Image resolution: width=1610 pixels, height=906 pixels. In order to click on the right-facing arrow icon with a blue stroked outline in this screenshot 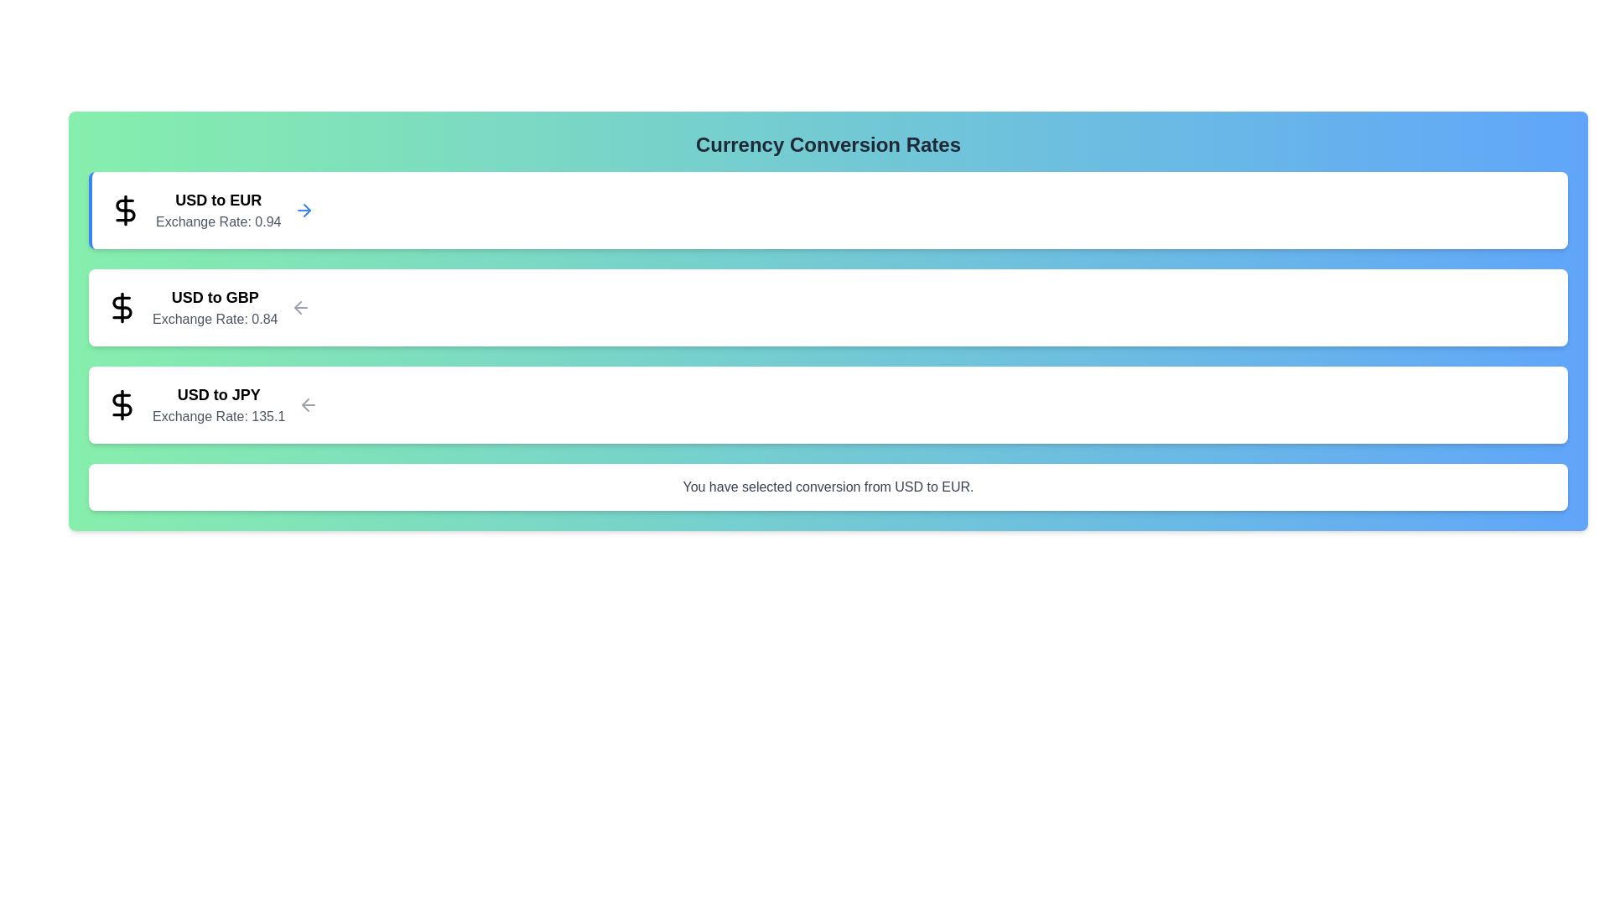, I will do `click(304, 209)`.